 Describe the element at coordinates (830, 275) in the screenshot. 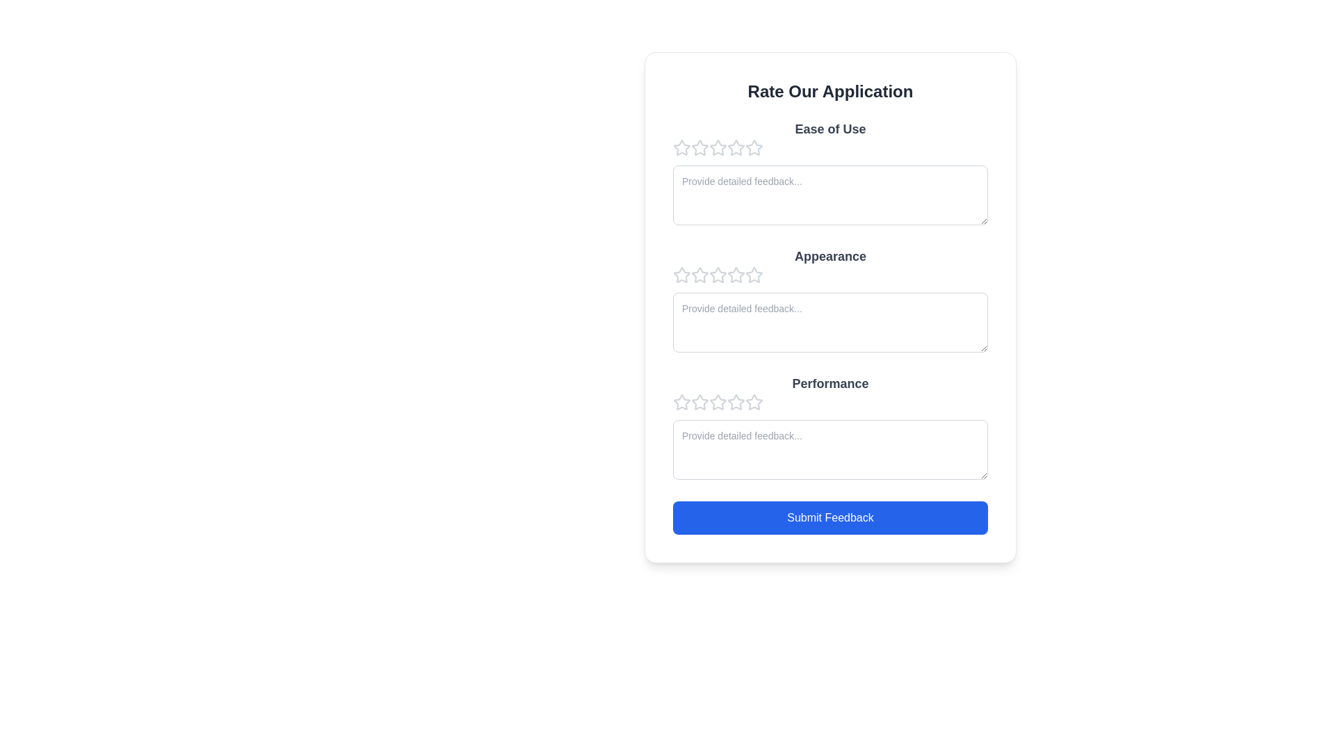

I see `the second star rating component under the 'Appearance' heading by focusing on it` at that location.